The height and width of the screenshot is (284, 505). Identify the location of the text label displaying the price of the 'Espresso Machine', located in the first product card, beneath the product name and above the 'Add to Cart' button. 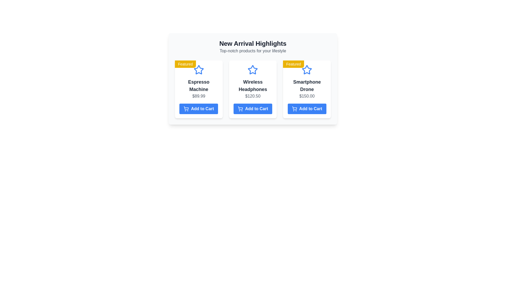
(198, 96).